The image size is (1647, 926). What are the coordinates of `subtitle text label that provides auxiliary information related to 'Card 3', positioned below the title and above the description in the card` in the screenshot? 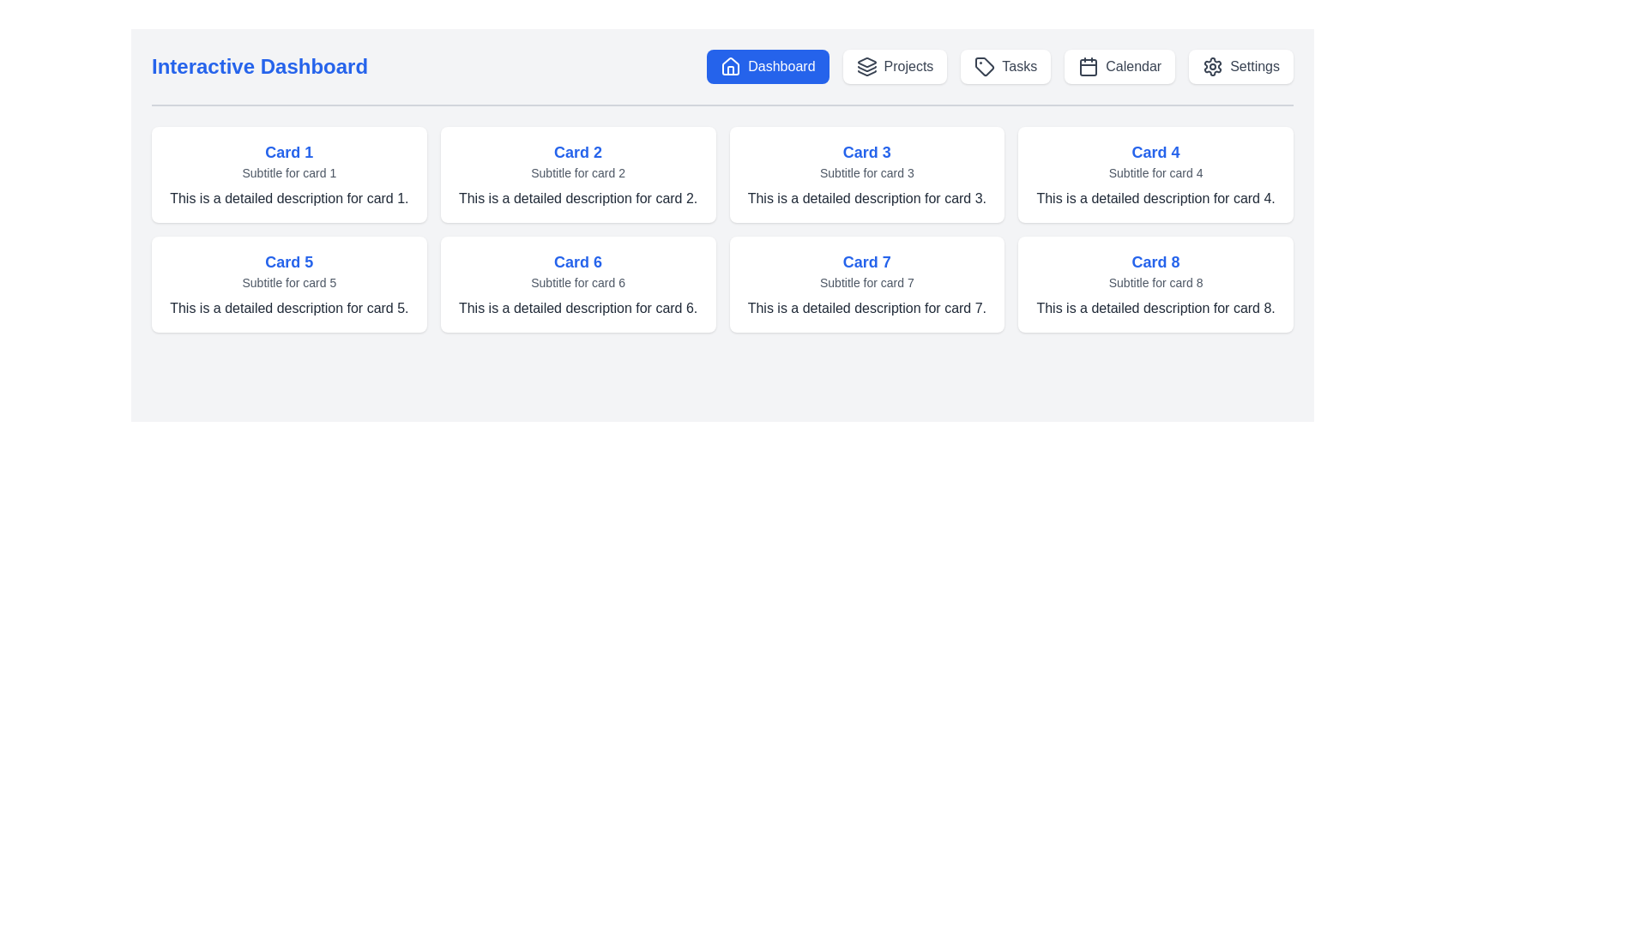 It's located at (866, 172).